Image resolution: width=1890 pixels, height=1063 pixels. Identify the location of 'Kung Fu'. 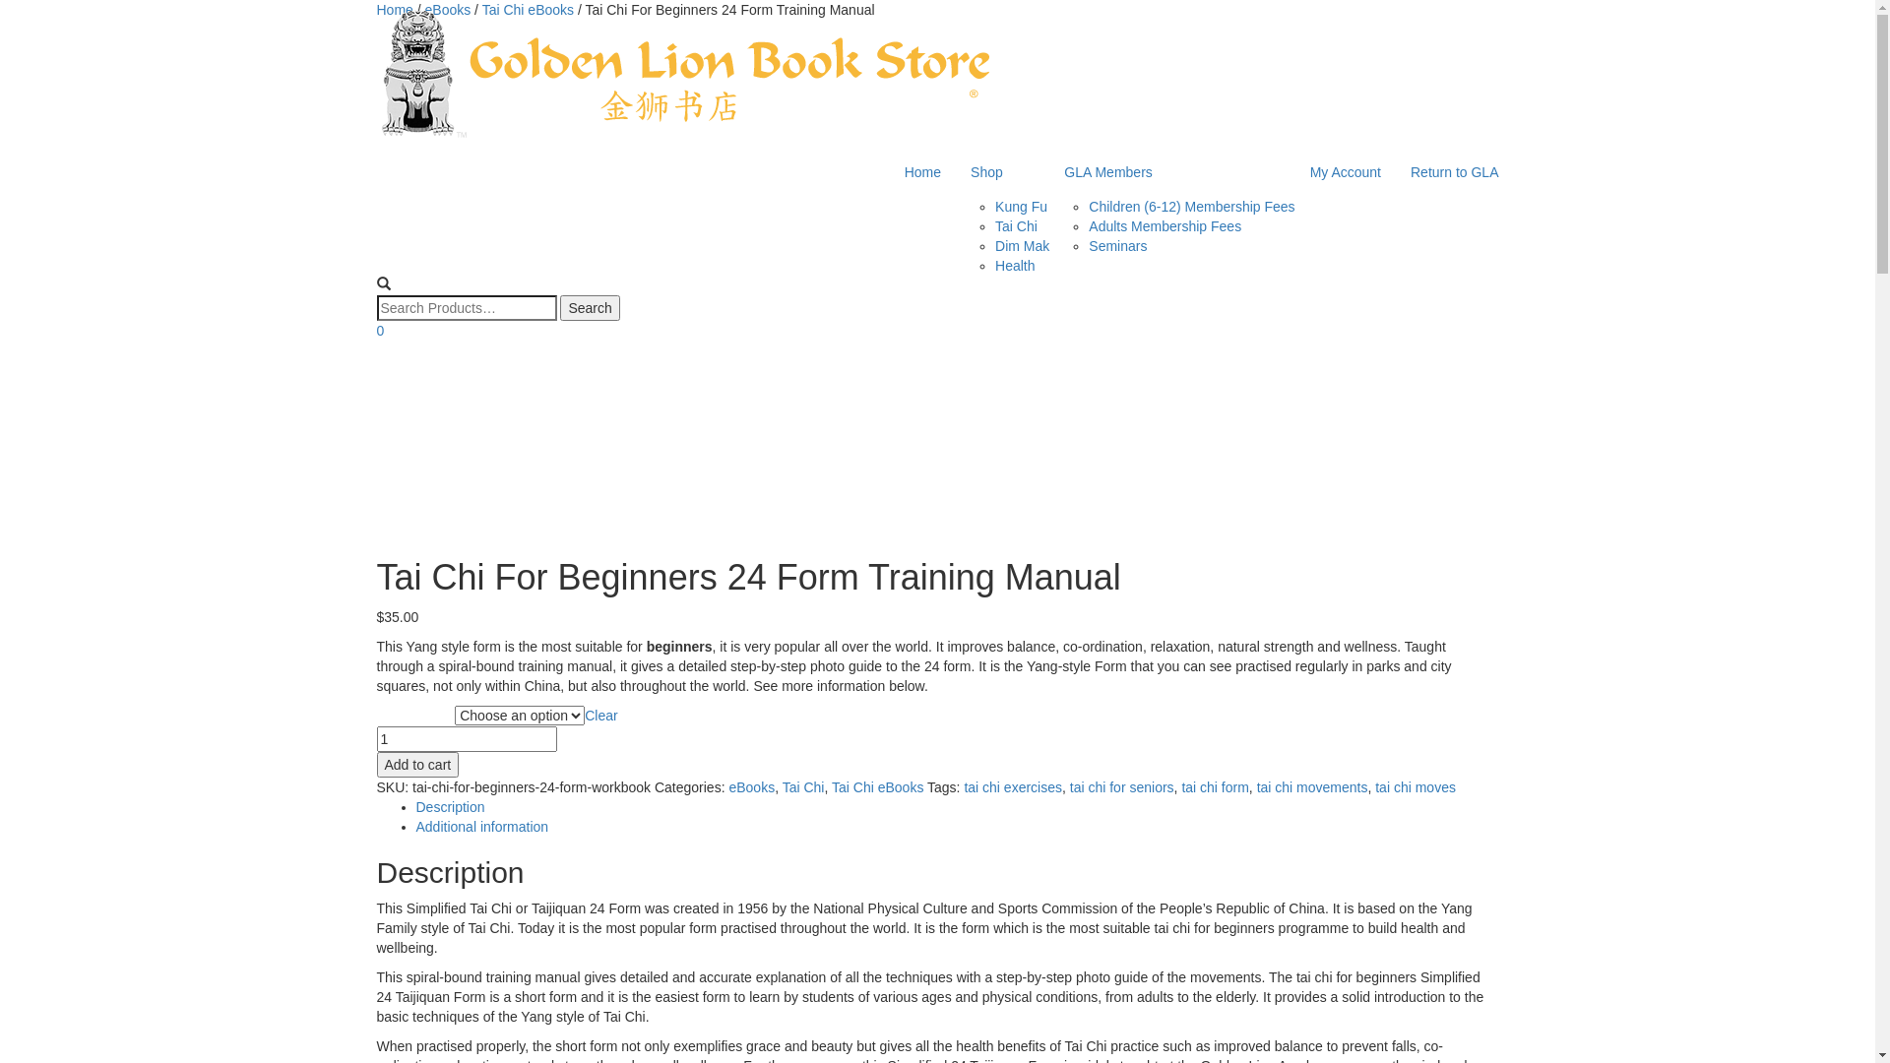
(1021, 206).